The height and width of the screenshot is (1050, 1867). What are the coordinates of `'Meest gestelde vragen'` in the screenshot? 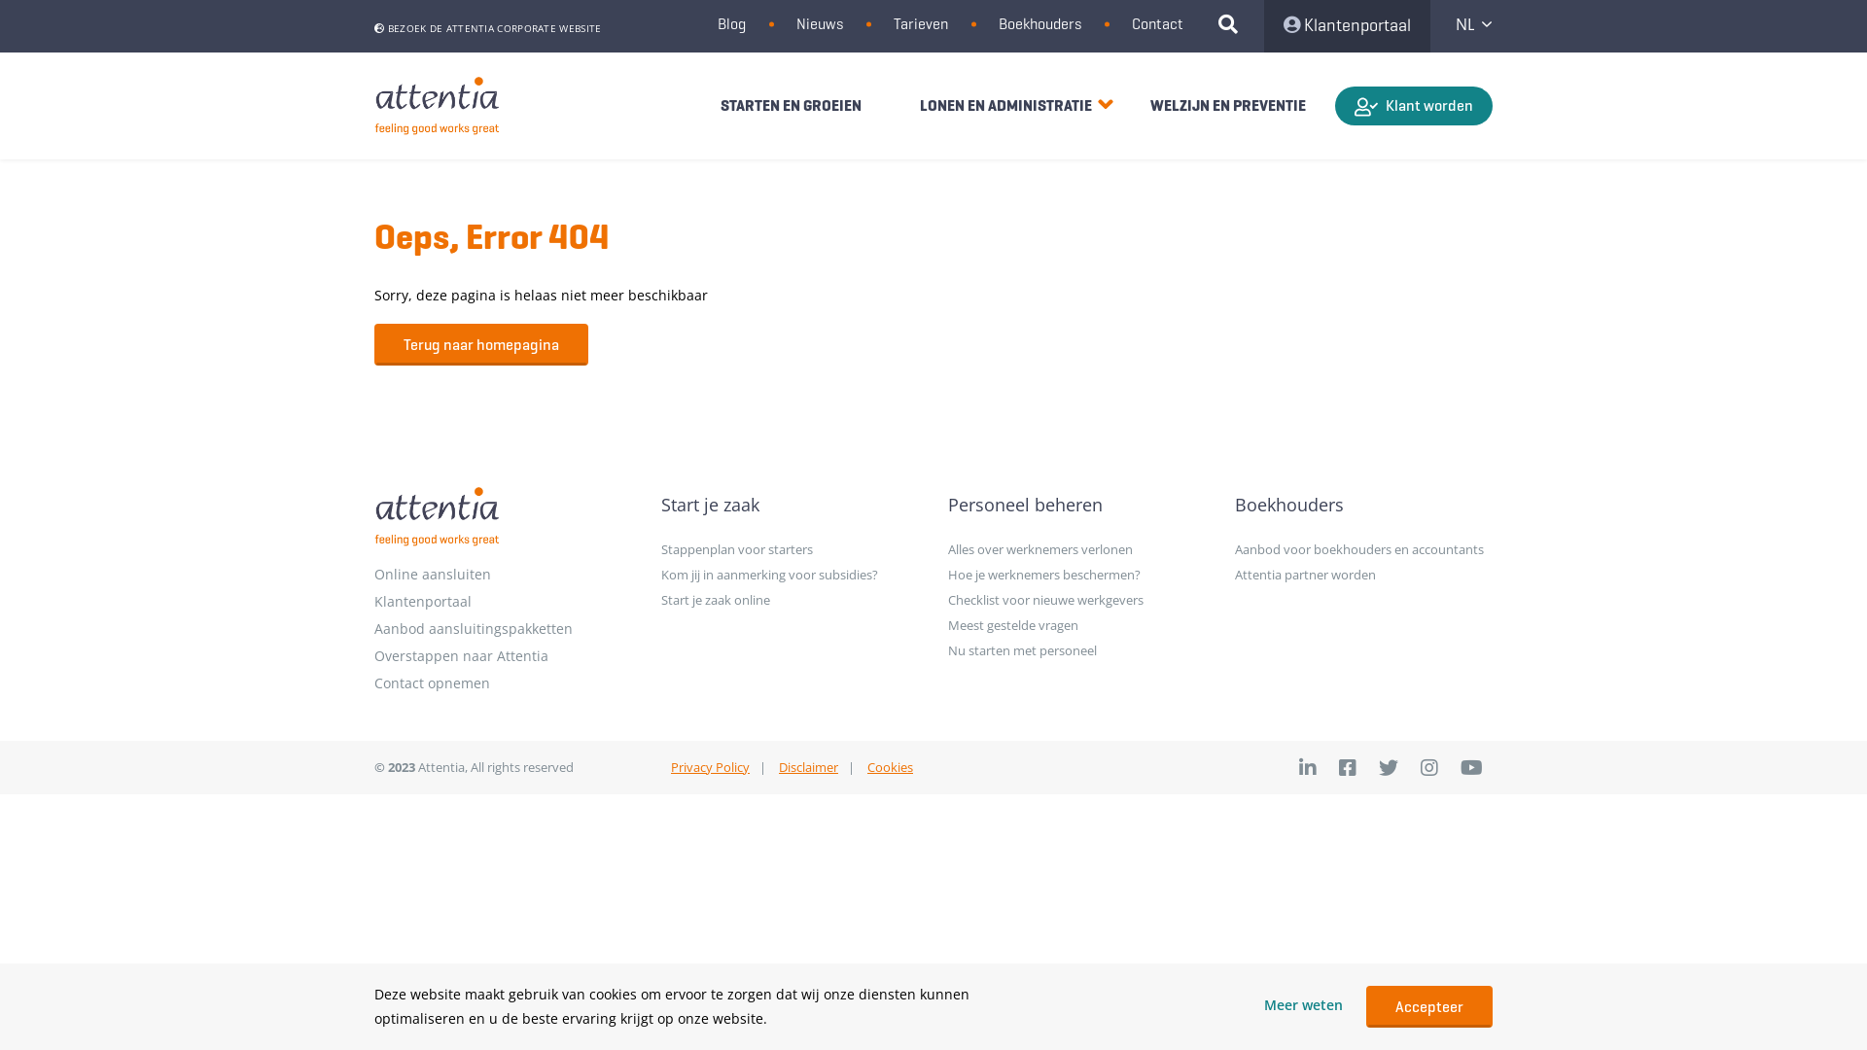 It's located at (1075, 625).